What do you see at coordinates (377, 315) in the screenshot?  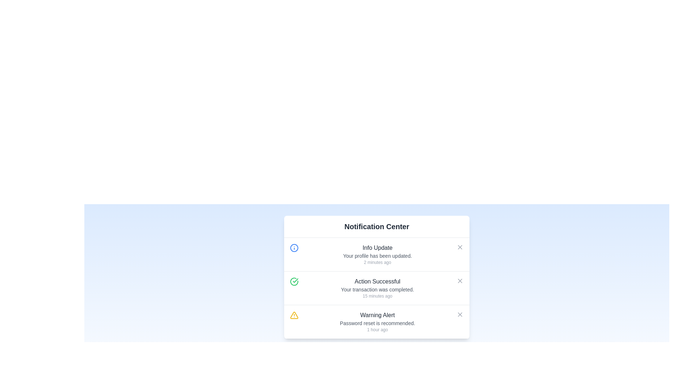 I see `the main title text label in the third notification card in the 'Notification Center' dialog, which indicates the type or category of the notification` at bounding box center [377, 315].